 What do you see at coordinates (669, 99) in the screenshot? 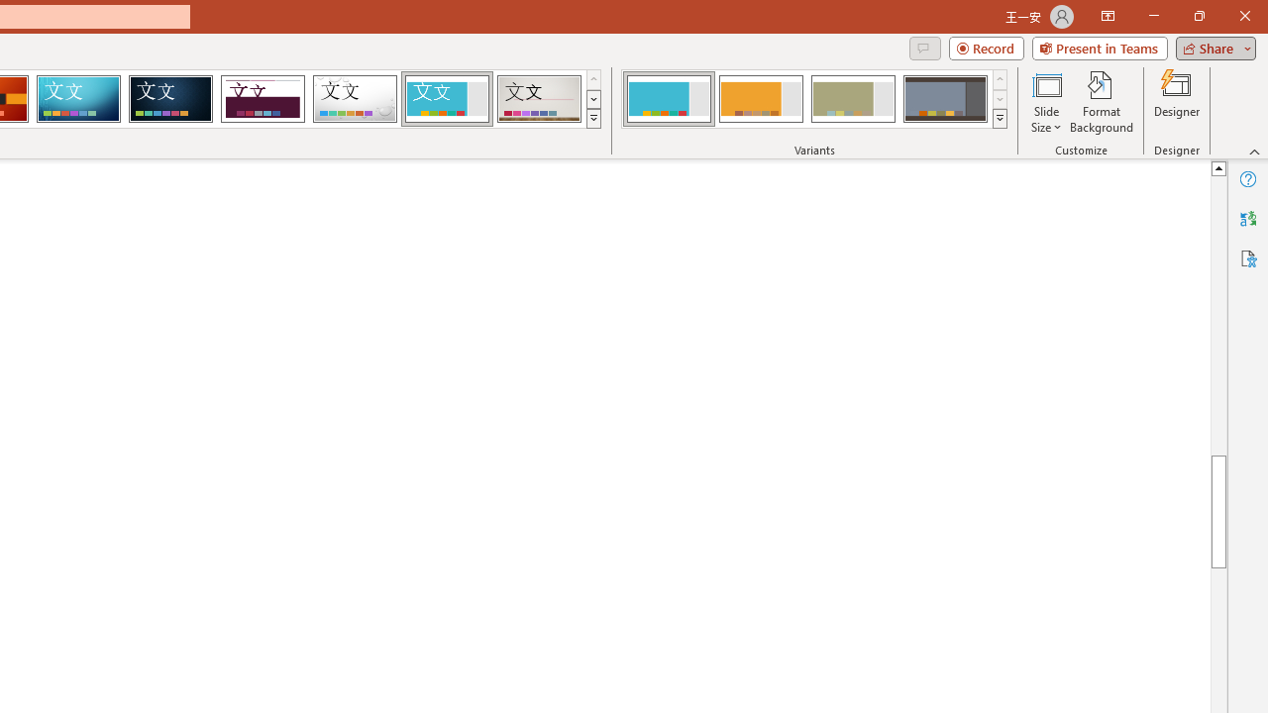
I see `'Frame Variant 1'` at bounding box center [669, 99].